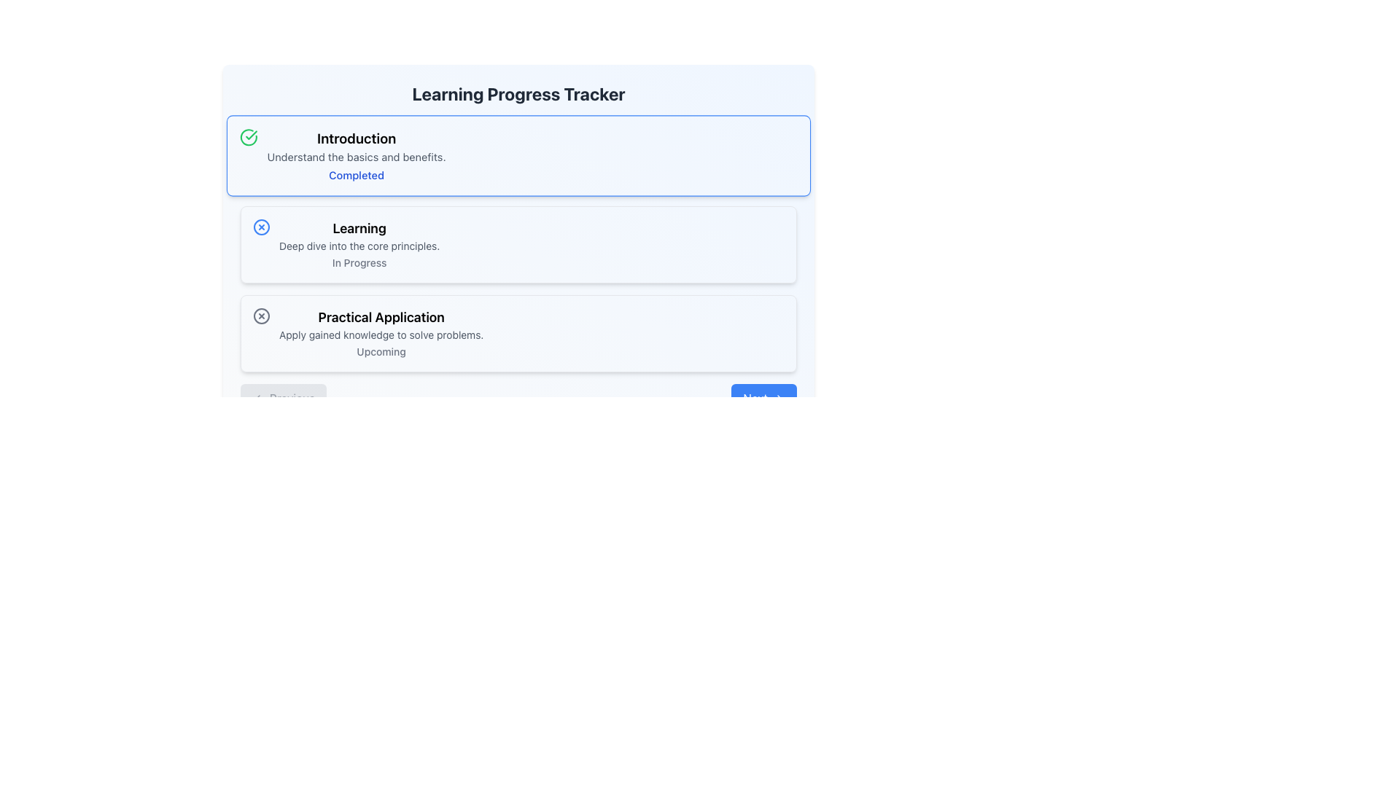 This screenshot has height=787, width=1400. What do you see at coordinates (249, 137) in the screenshot?
I see `the green checkmark status indicator icon located to the left of the 'Introduction' heading` at bounding box center [249, 137].